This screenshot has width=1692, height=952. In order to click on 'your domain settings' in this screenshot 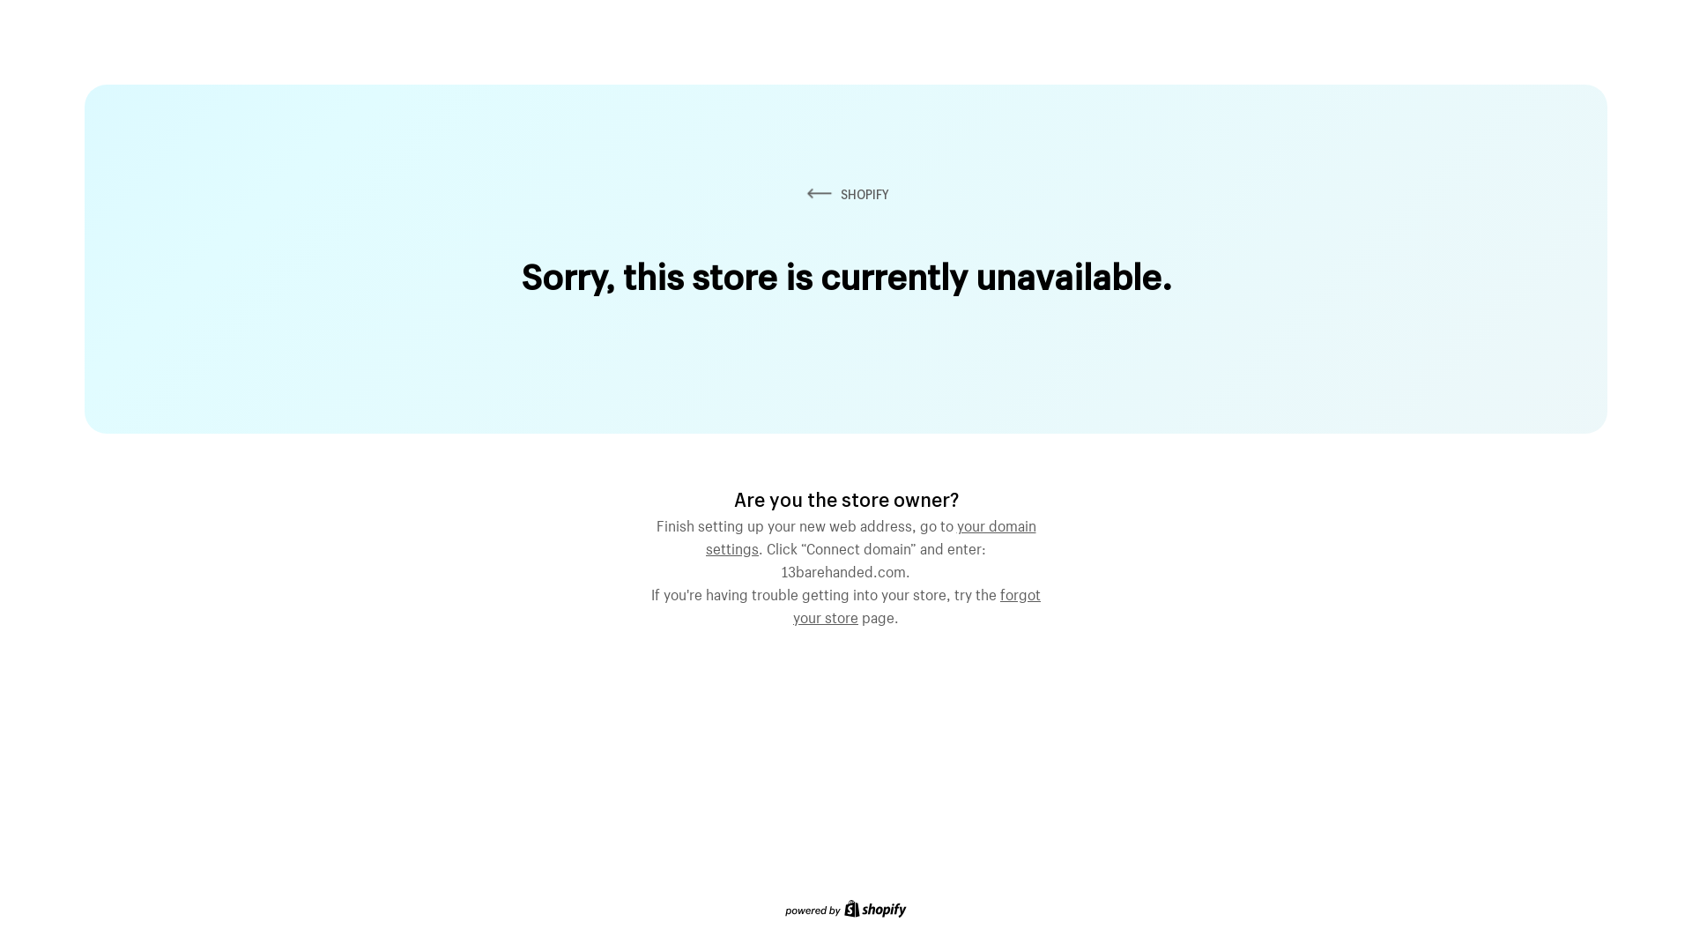, I will do `click(871, 533)`.